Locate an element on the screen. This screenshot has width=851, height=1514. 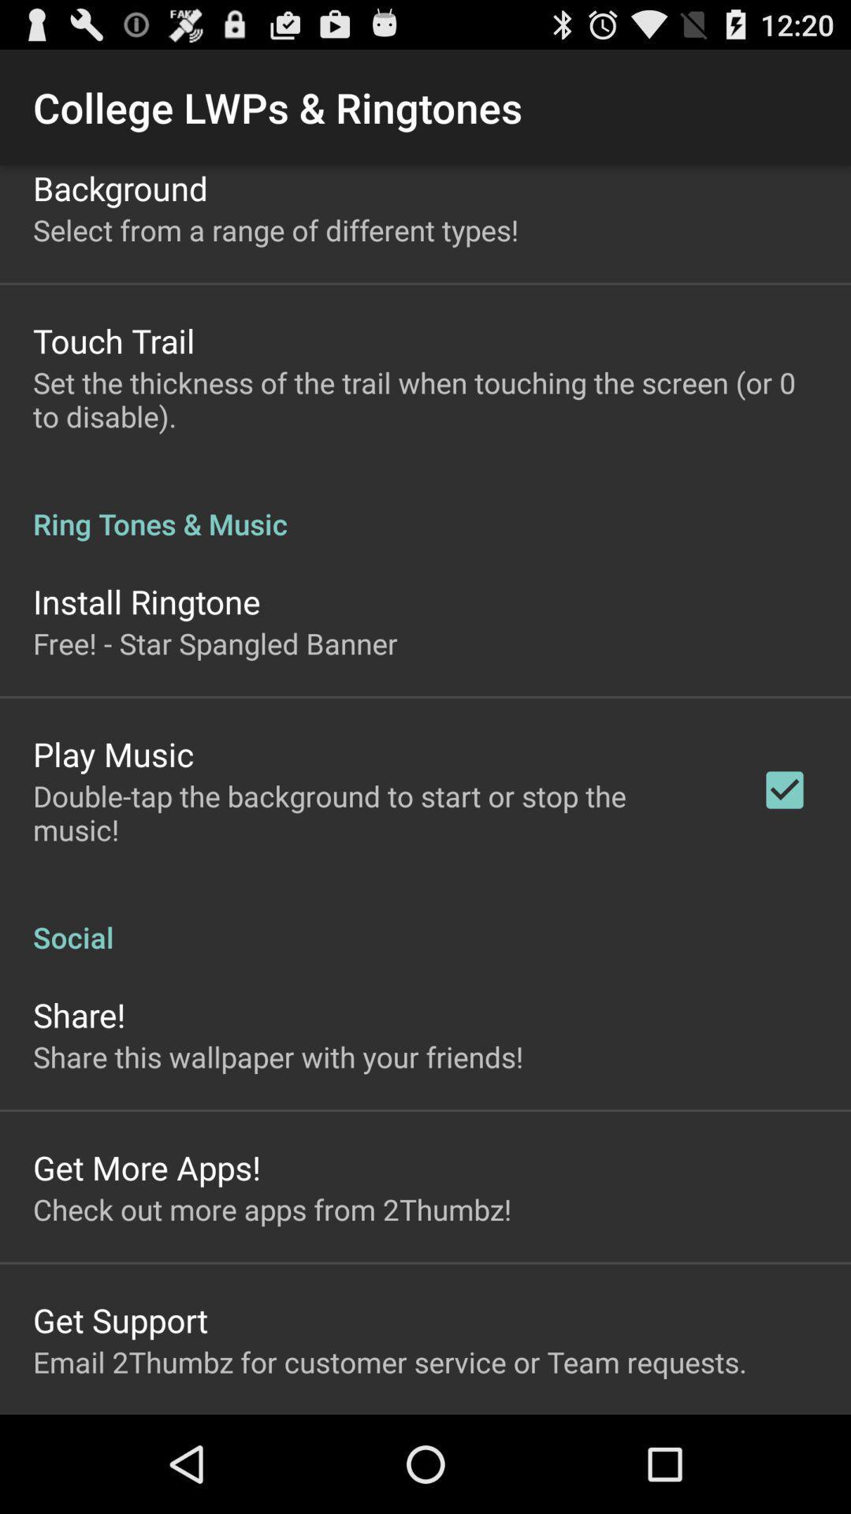
app above the play music item is located at coordinates (215, 643).